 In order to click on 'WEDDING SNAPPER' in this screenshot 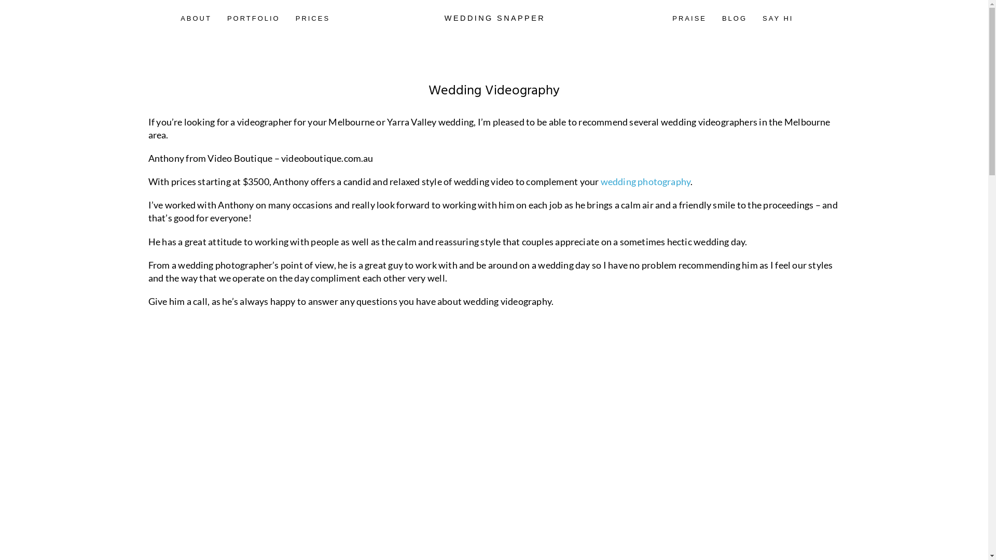, I will do `click(493, 20)`.